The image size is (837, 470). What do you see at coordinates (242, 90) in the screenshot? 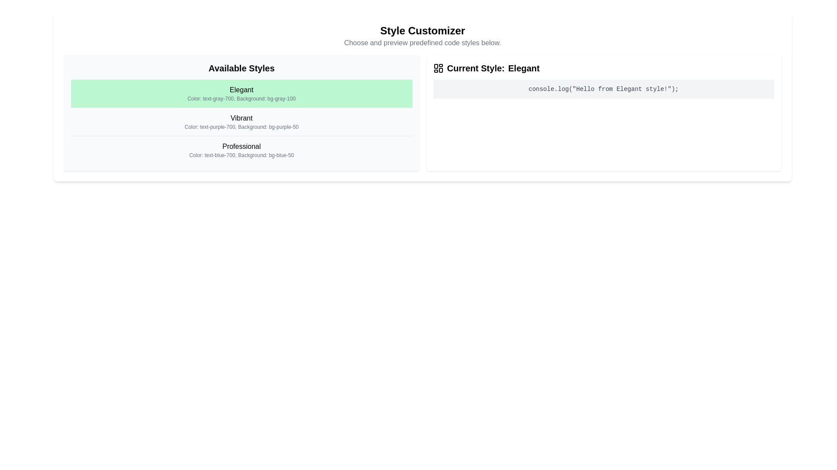
I see `the textual label element that describes the currently active style, located in the top section of the 'Available Styles' list with a soft green background` at bounding box center [242, 90].